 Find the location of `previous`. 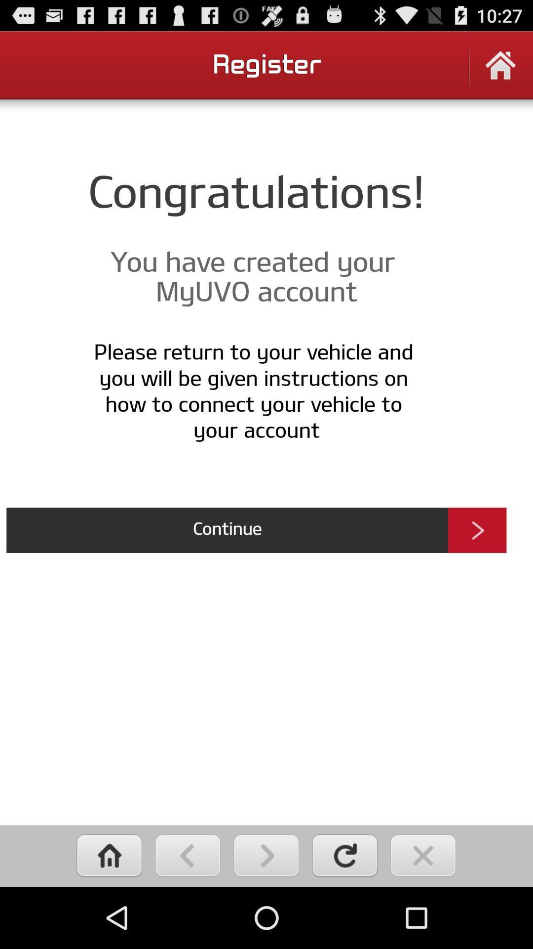

previous is located at coordinates (188, 855).